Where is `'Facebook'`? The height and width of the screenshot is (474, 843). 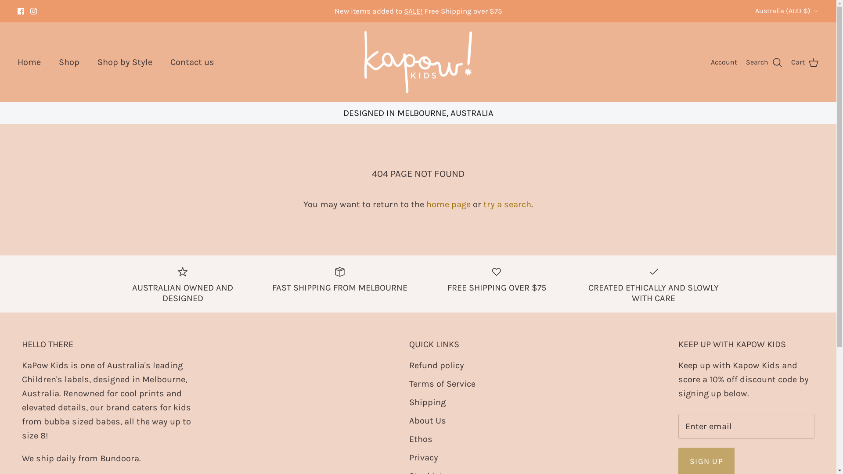 'Facebook' is located at coordinates (21, 11).